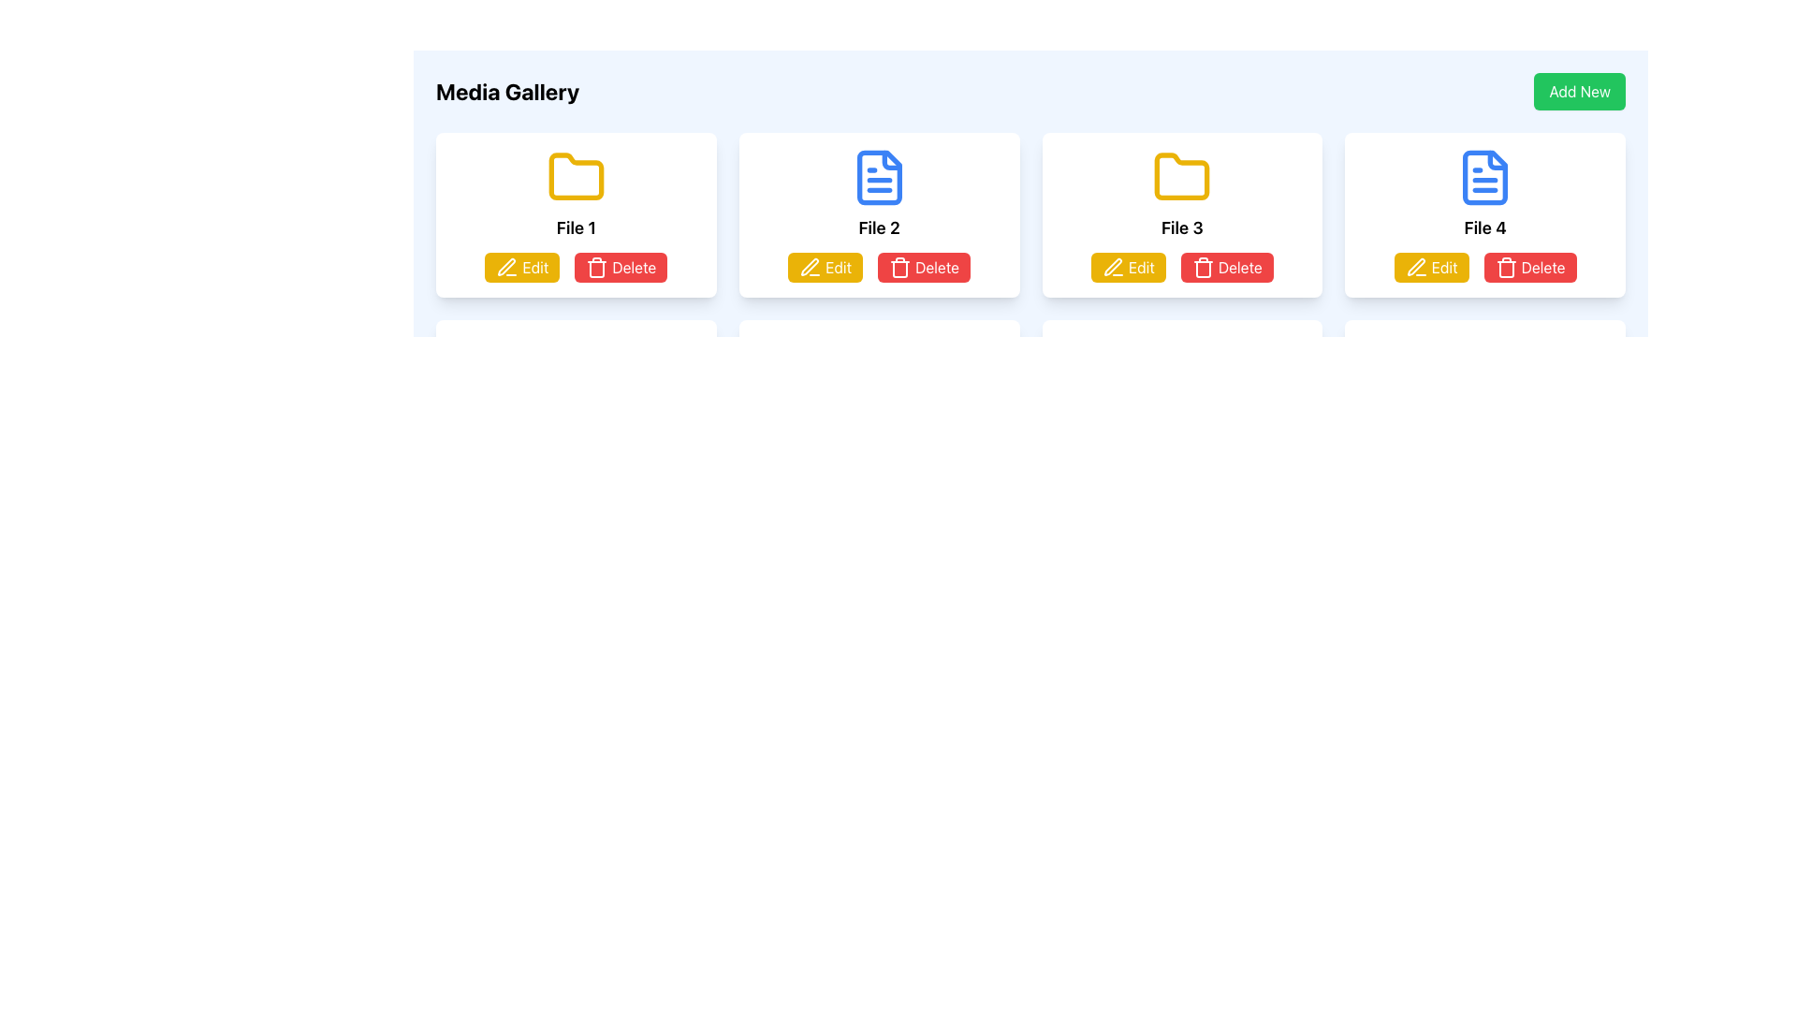 The width and height of the screenshot is (1797, 1011). I want to click on the trash bin icon on the left side of the red 'Delete' button located below the label 'File 3' in the third card of the horizontal row of cards labeled 'File 1' through 'File 4', so click(1203, 267).